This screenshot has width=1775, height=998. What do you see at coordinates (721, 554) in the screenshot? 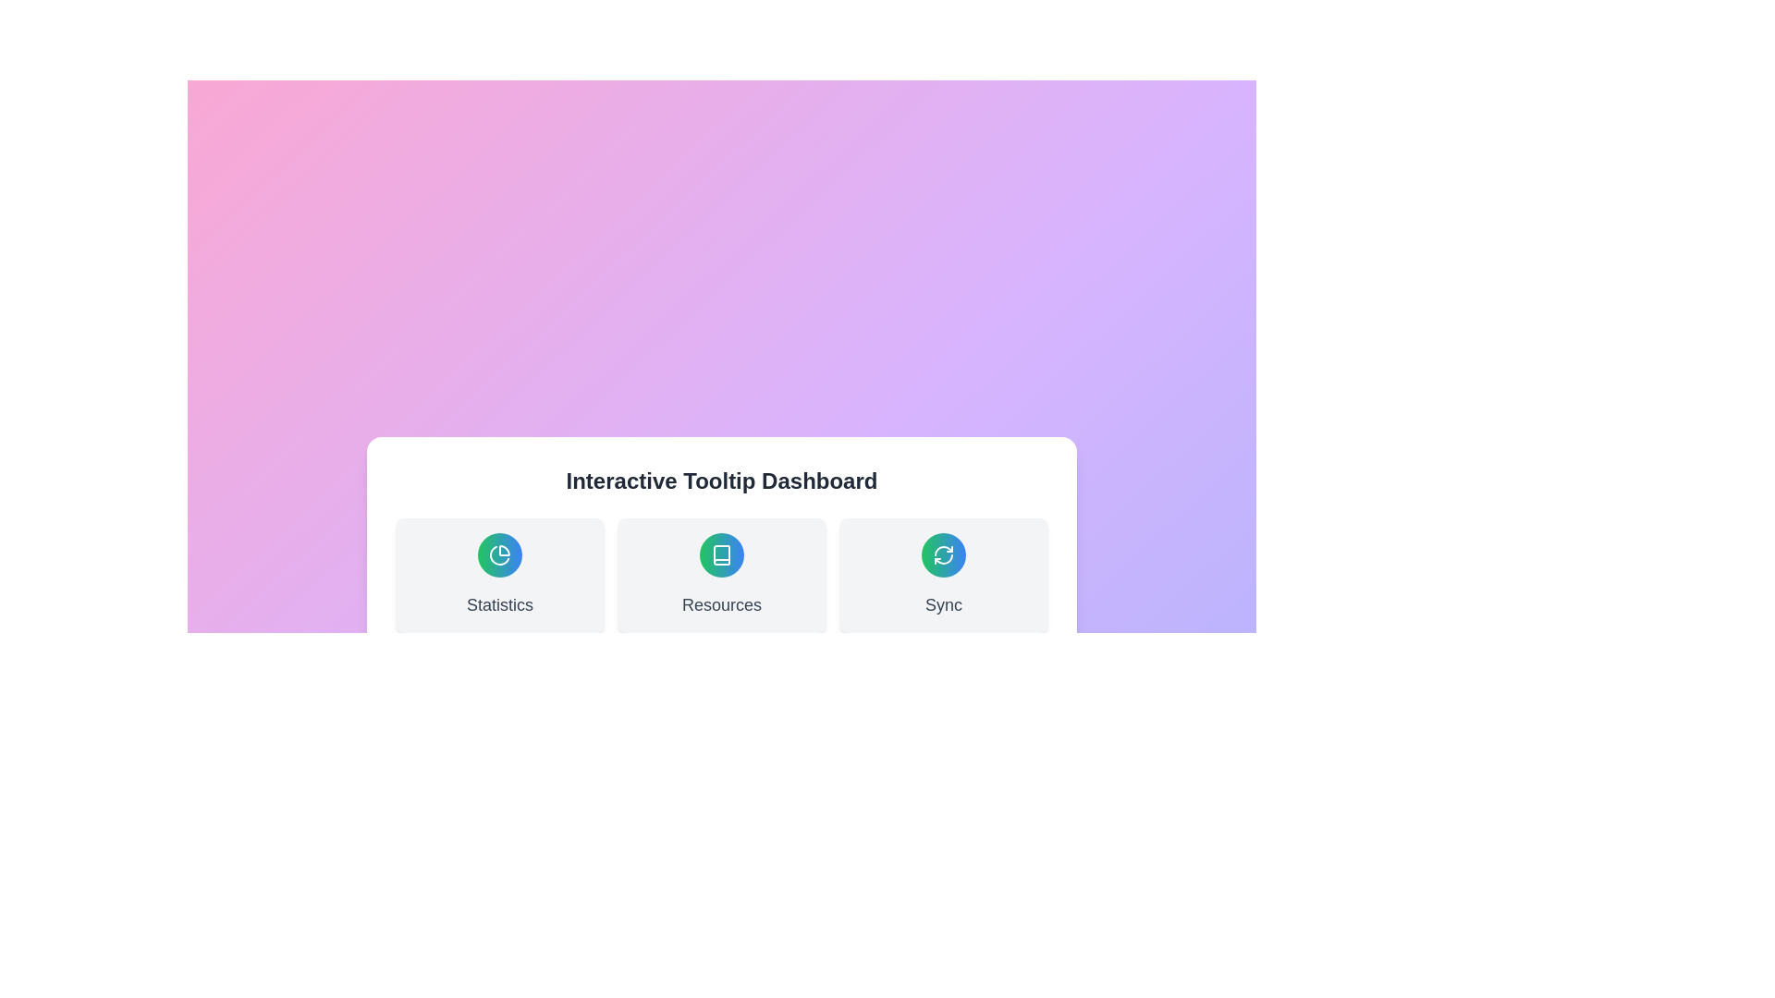
I see `the 'Resources' icon located centrally in the middle card of the 'Interactive Tooltip Dashboard'` at bounding box center [721, 554].